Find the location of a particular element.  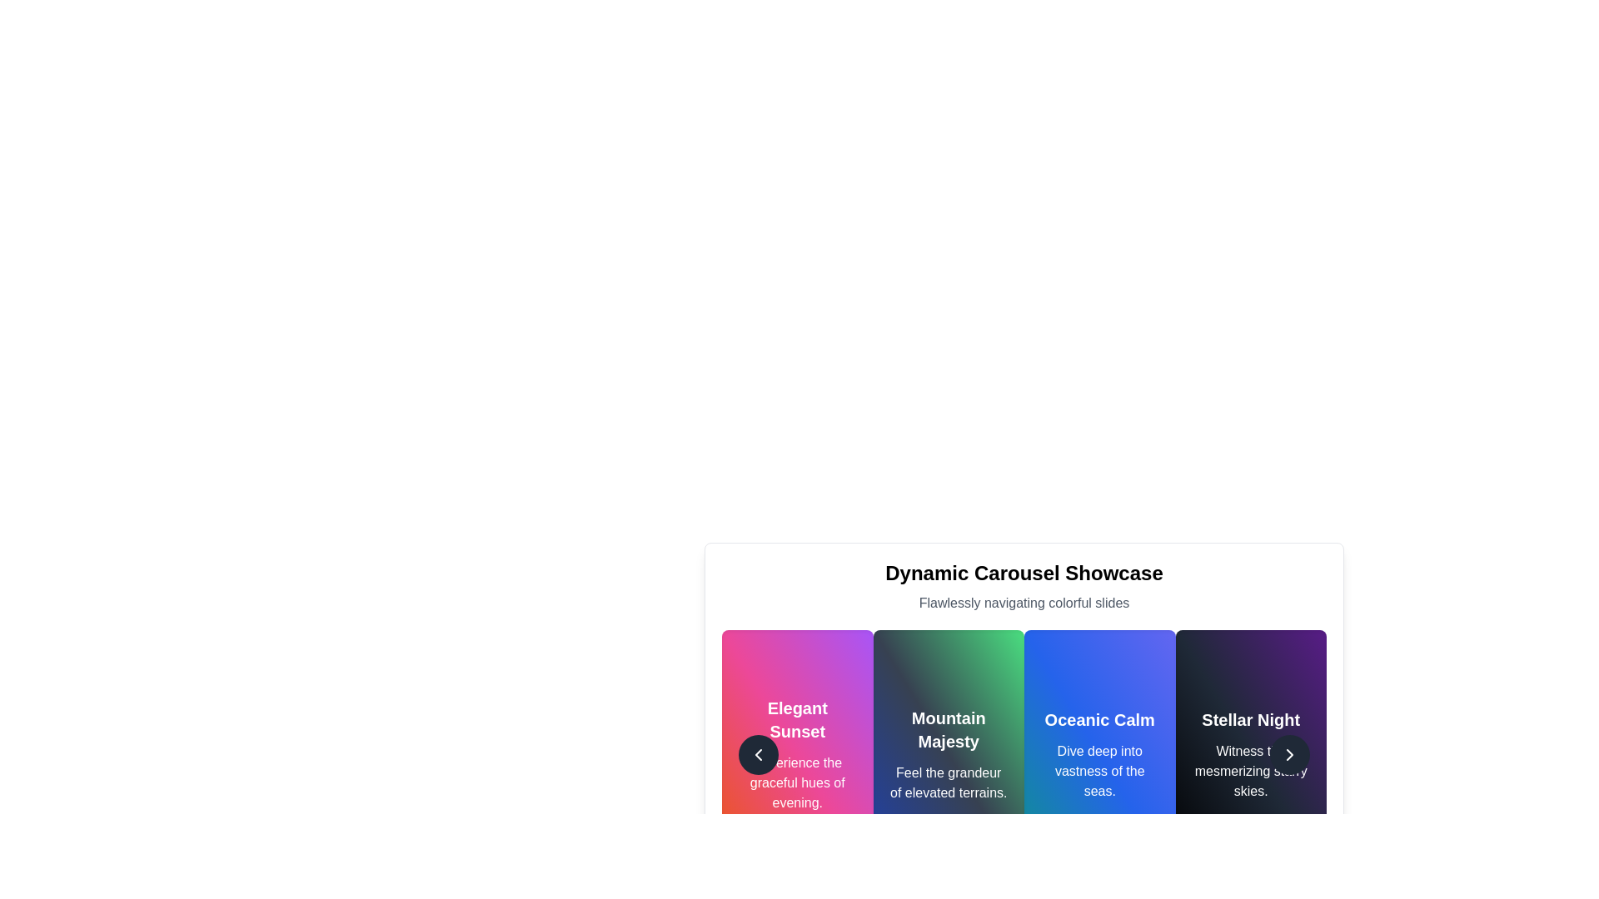

the right-facing chevron icon button, styled with a white outline on a dark circular background, located near the right edge of the 'Stellar Night' card in the carousel is located at coordinates (1289, 754).